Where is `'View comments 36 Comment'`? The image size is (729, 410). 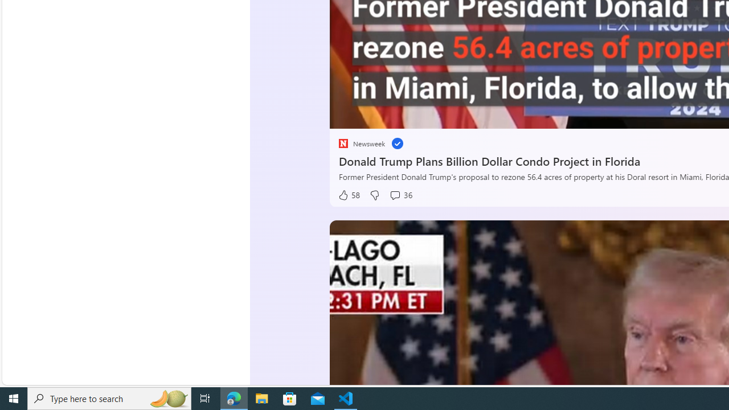
'View comments 36 Comment' is located at coordinates (400, 195).